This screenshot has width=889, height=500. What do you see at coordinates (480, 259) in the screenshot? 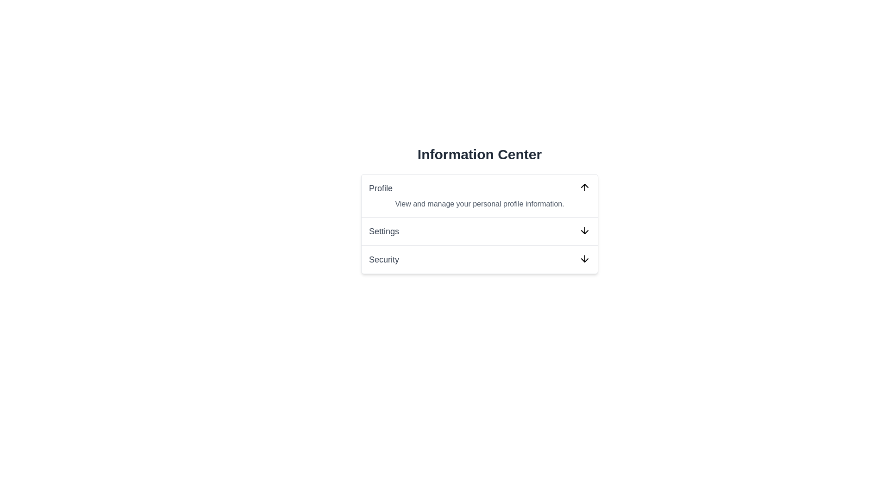
I see `the dropdown trigger button for accessing or modifying security-related settings located in the 'Information Center' card` at bounding box center [480, 259].